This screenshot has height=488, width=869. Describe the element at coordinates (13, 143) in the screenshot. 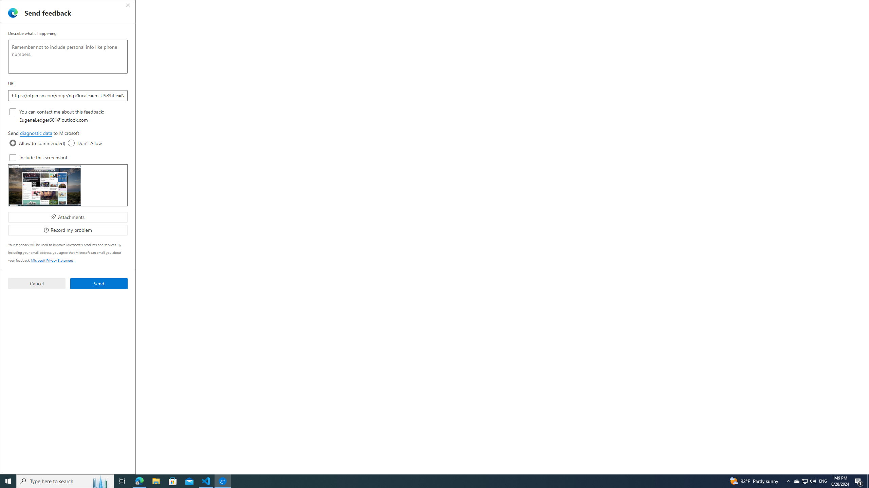

I see `'Allow (recommended)'` at that location.